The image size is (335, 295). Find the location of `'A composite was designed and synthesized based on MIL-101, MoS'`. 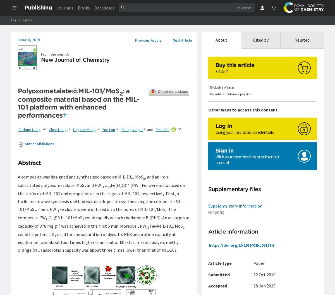

'A composite was designed and synthesized based on MIL-101, MoS' is located at coordinates (80, 176).